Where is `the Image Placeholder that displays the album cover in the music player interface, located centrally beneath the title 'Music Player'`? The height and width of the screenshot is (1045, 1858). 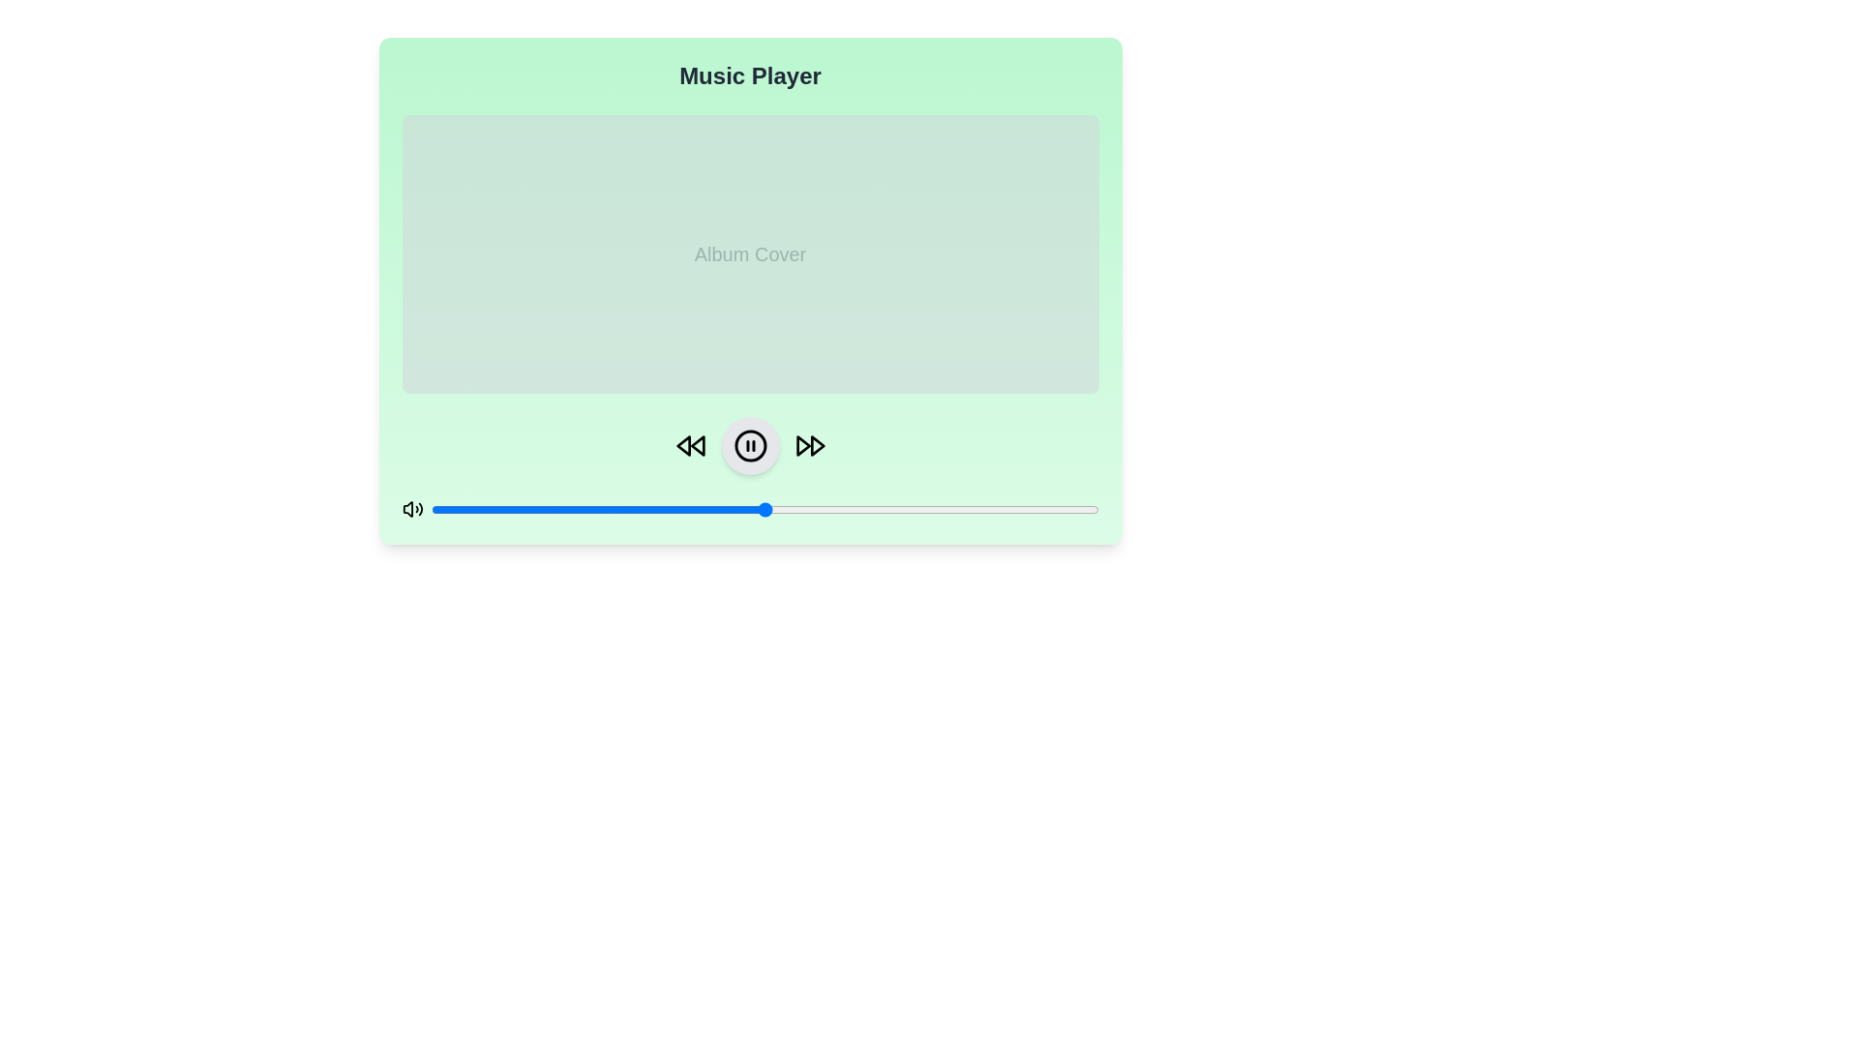
the Image Placeholder that displays the album cover in the music player interface, located centrally beneath the title 'Music Player' is located at coordinates (749, 316).